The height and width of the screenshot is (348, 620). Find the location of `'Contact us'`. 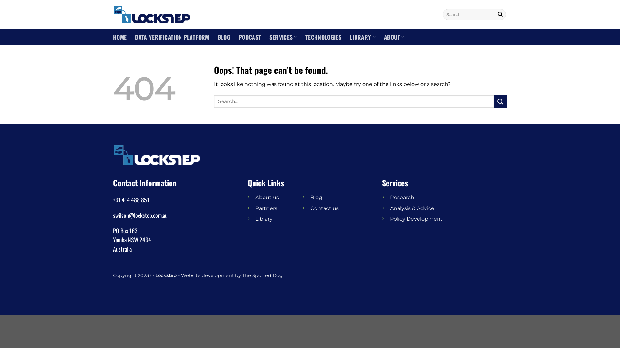

'Contact us' is located at coordinates (324, 208).